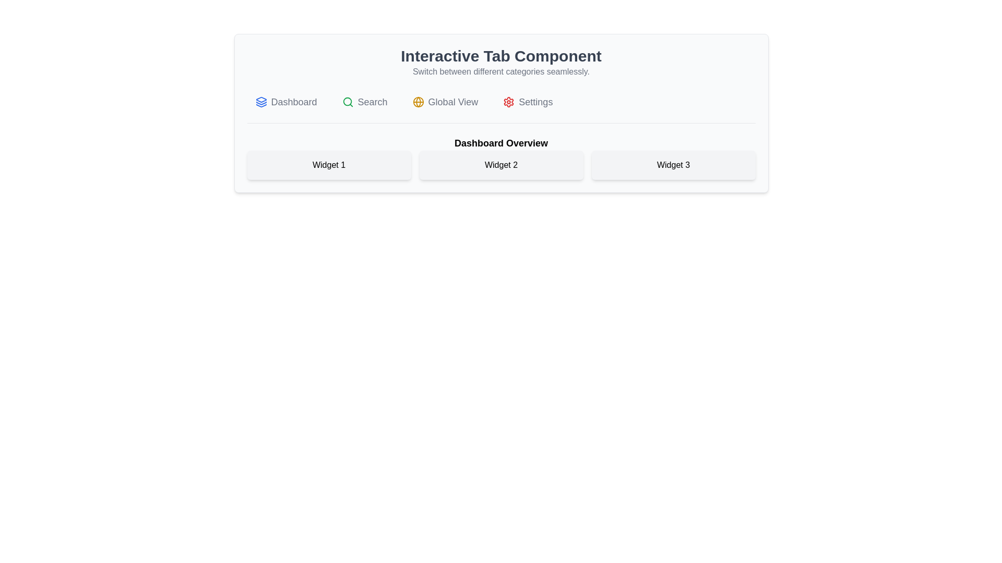  I want to click on the small green-colored search icon styled like a magnifying glass, which is part of the 'Search' navigation option in the toolbar beneath the title 'Interactive Tab Component', so click(348, 102).